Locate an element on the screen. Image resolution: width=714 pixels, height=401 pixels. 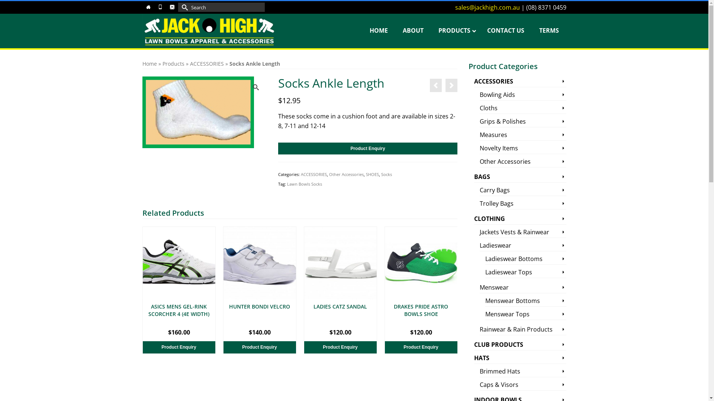
'Ladieswear Tops' is located at coordinates (525, 272).